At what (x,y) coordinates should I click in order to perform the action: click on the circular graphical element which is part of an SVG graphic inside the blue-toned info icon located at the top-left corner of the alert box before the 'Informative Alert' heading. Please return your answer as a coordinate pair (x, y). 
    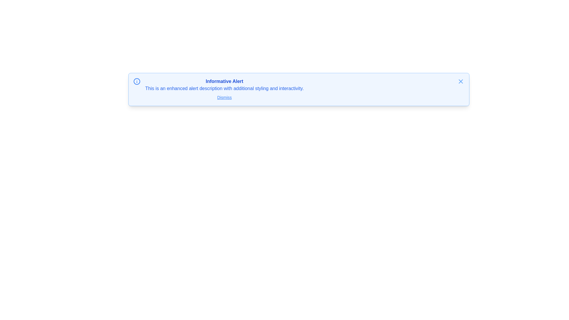
    Looking at the image, I should click on (136, 81).